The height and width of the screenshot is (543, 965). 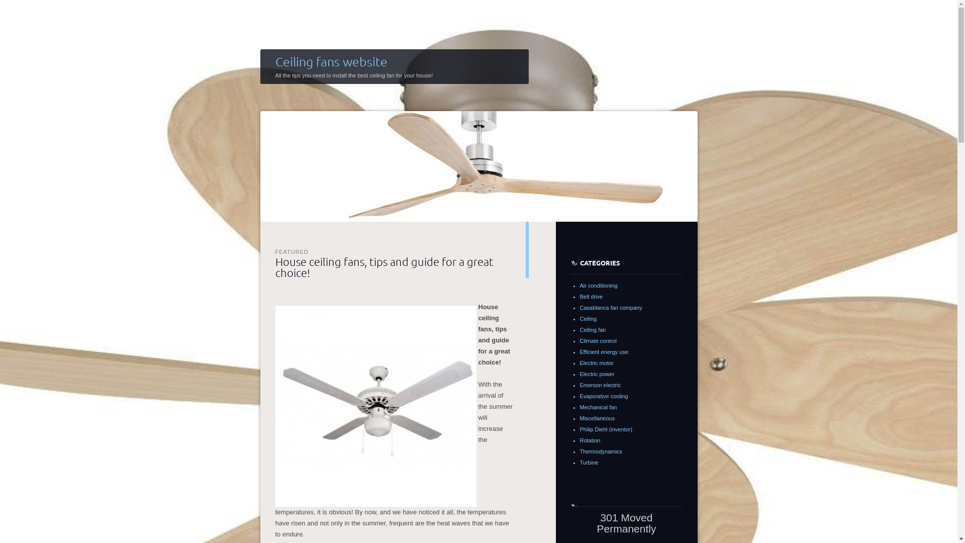 I want to click on 'House ceiling fans, tips and guide for a great choice!', so click(x=383, y=265).